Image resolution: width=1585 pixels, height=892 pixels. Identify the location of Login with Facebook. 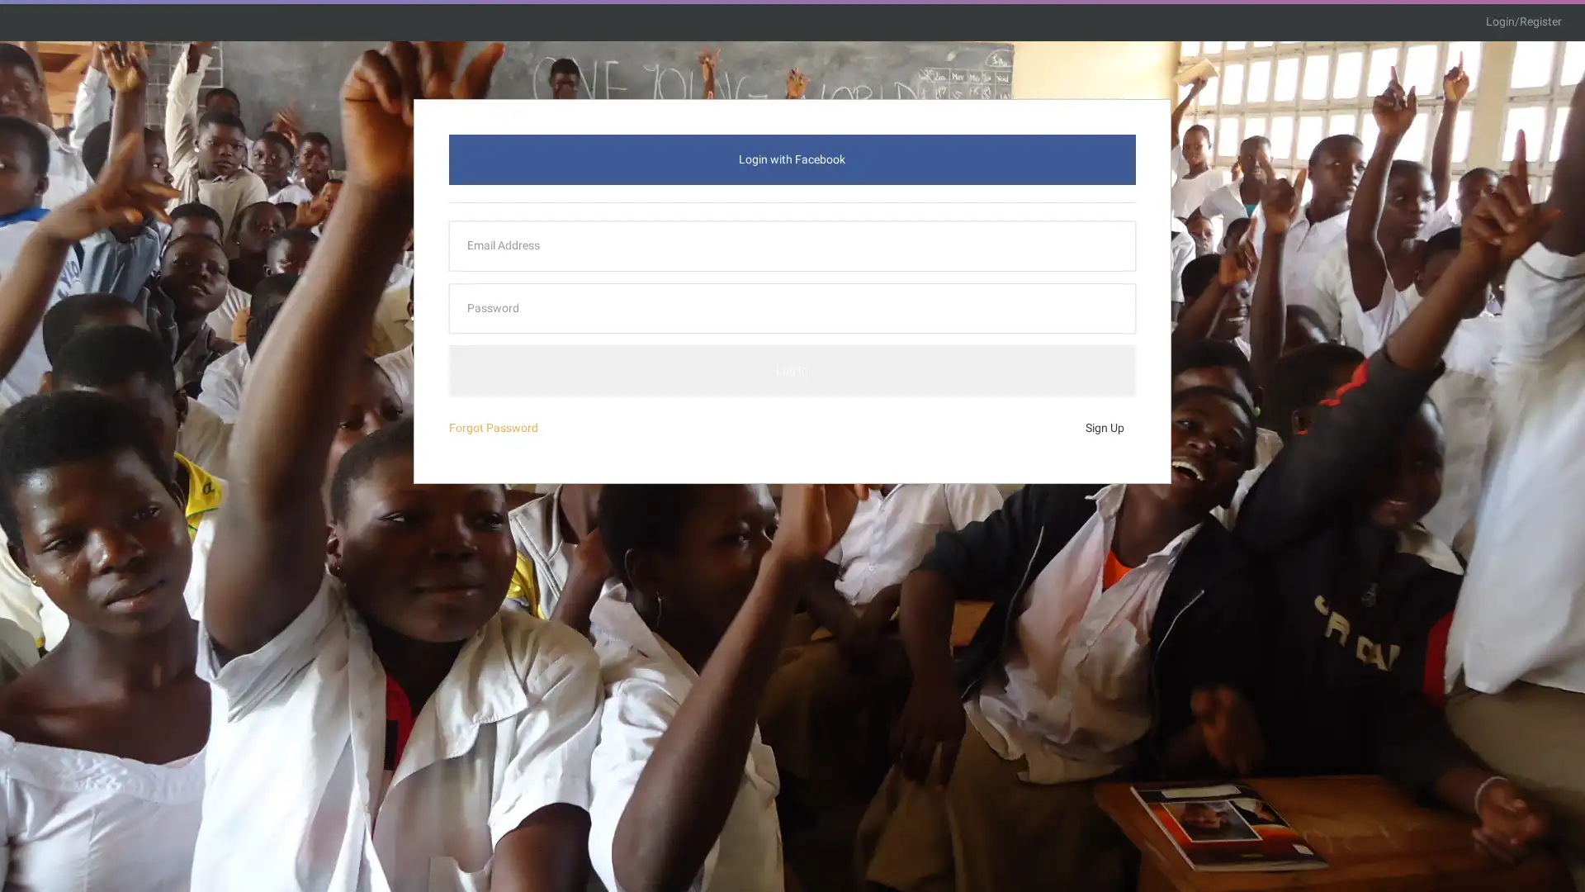
(791, 159).